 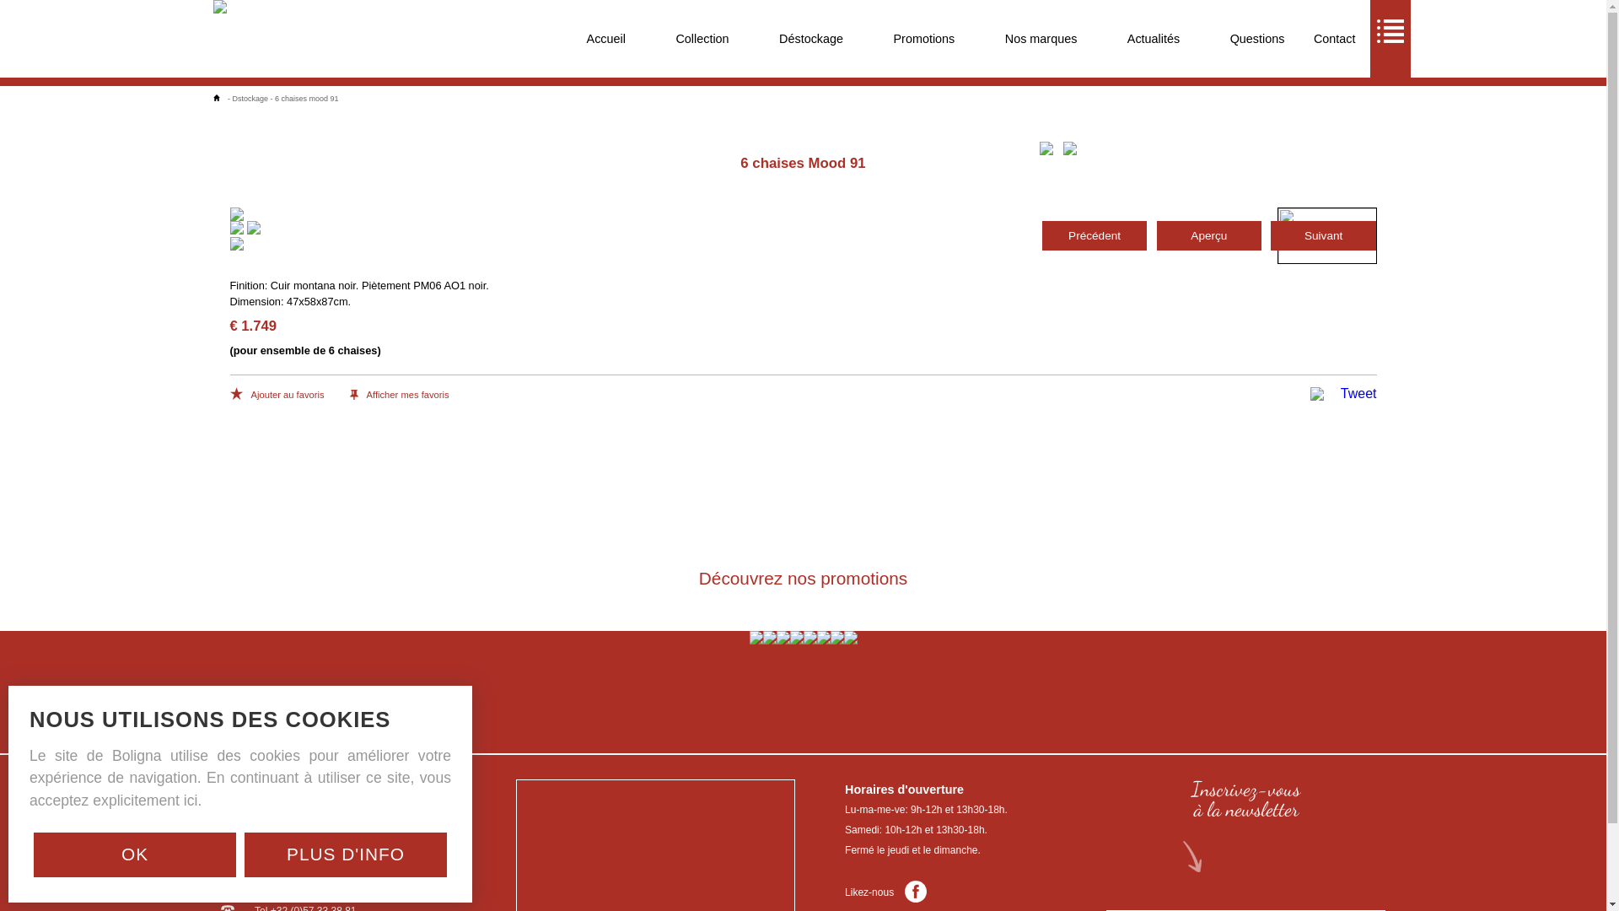 I want to click on 'Questions', so click(x=1257, y=38).